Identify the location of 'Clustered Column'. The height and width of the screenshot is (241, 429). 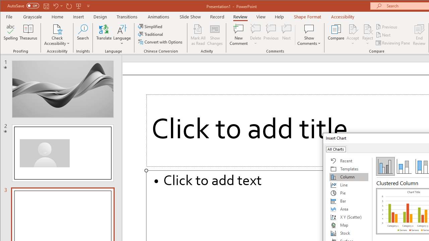
(385, 166).